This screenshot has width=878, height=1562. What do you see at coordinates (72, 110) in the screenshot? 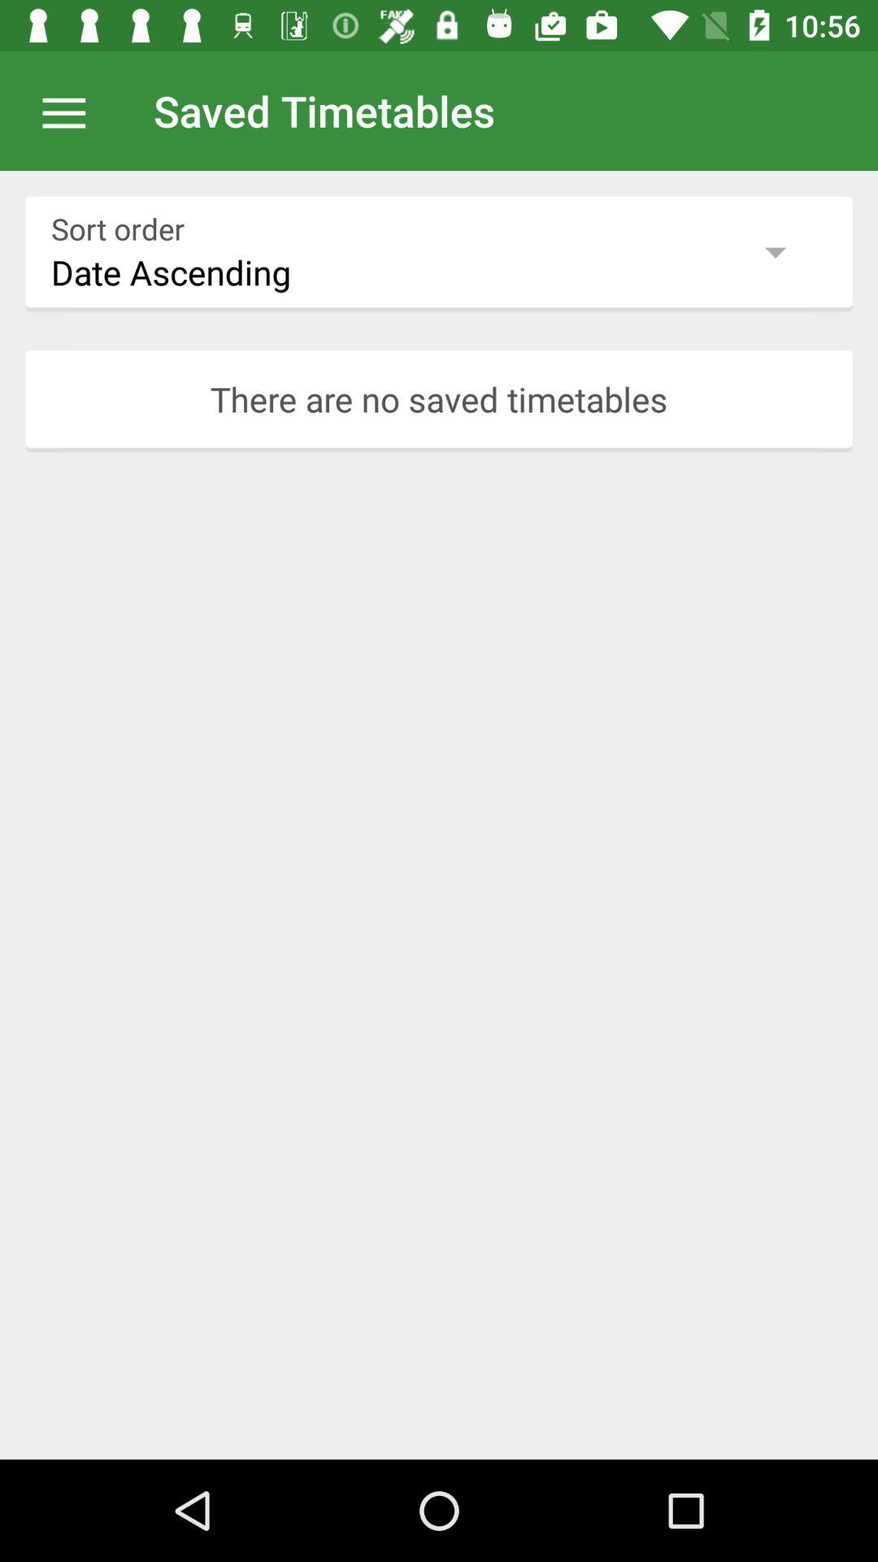
I see `menu options` at bounding box center [72, 110].